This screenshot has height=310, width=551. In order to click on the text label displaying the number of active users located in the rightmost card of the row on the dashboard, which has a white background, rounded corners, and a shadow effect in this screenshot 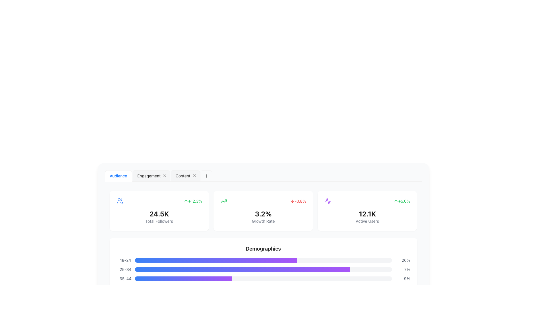, I will do `click(367, 214)`.